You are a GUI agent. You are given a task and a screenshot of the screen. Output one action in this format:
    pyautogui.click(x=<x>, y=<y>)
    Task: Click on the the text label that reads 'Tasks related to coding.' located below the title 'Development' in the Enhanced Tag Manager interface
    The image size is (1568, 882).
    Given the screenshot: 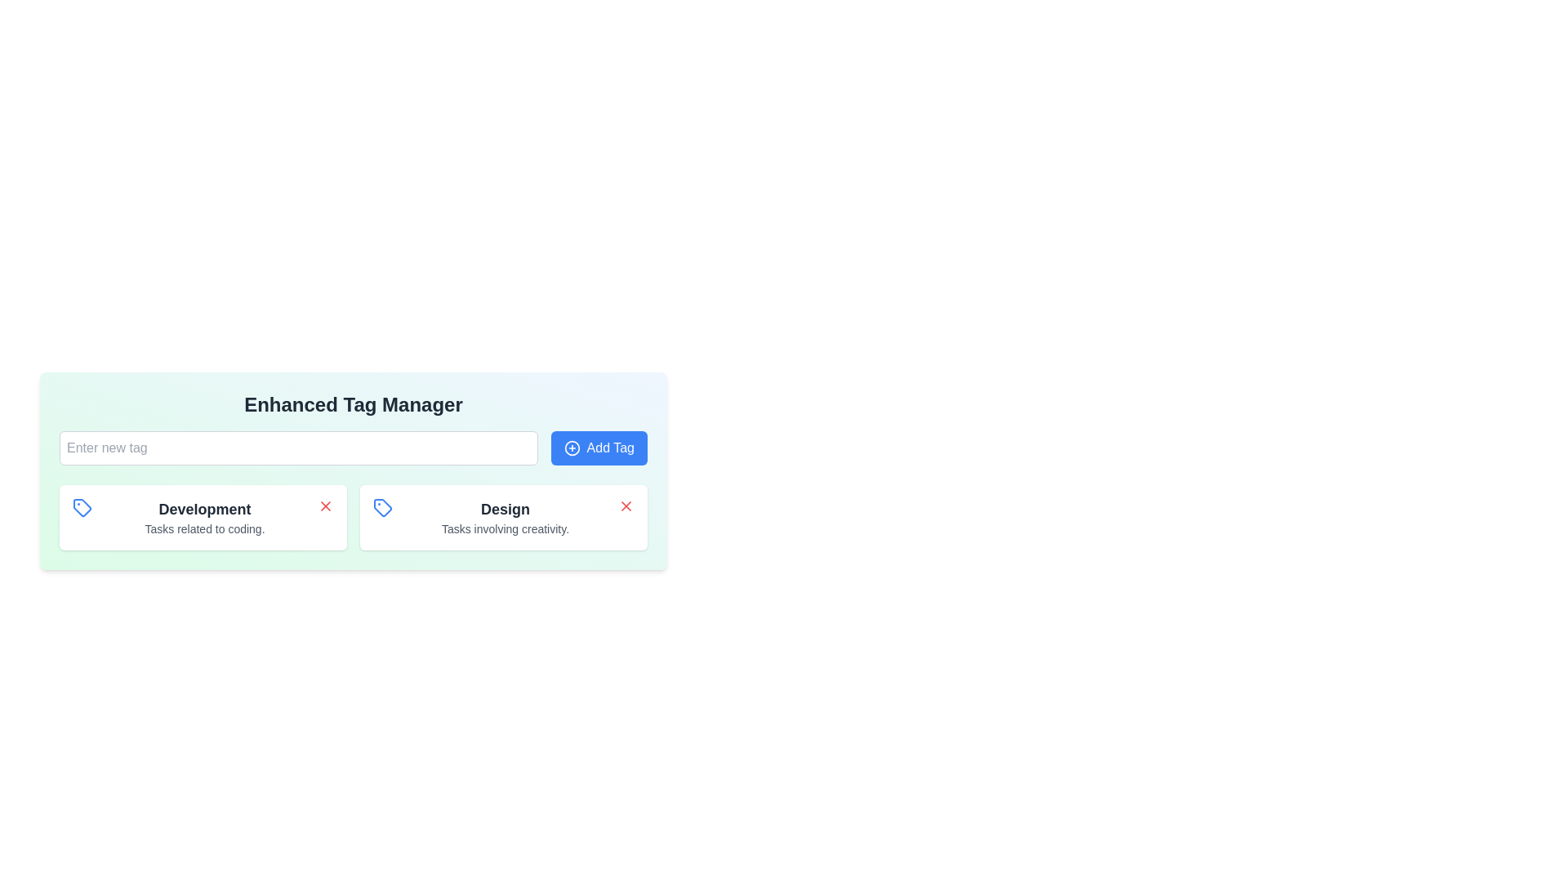 What is the action you would take?
    pyautogui.click(x=203, y=529)
    